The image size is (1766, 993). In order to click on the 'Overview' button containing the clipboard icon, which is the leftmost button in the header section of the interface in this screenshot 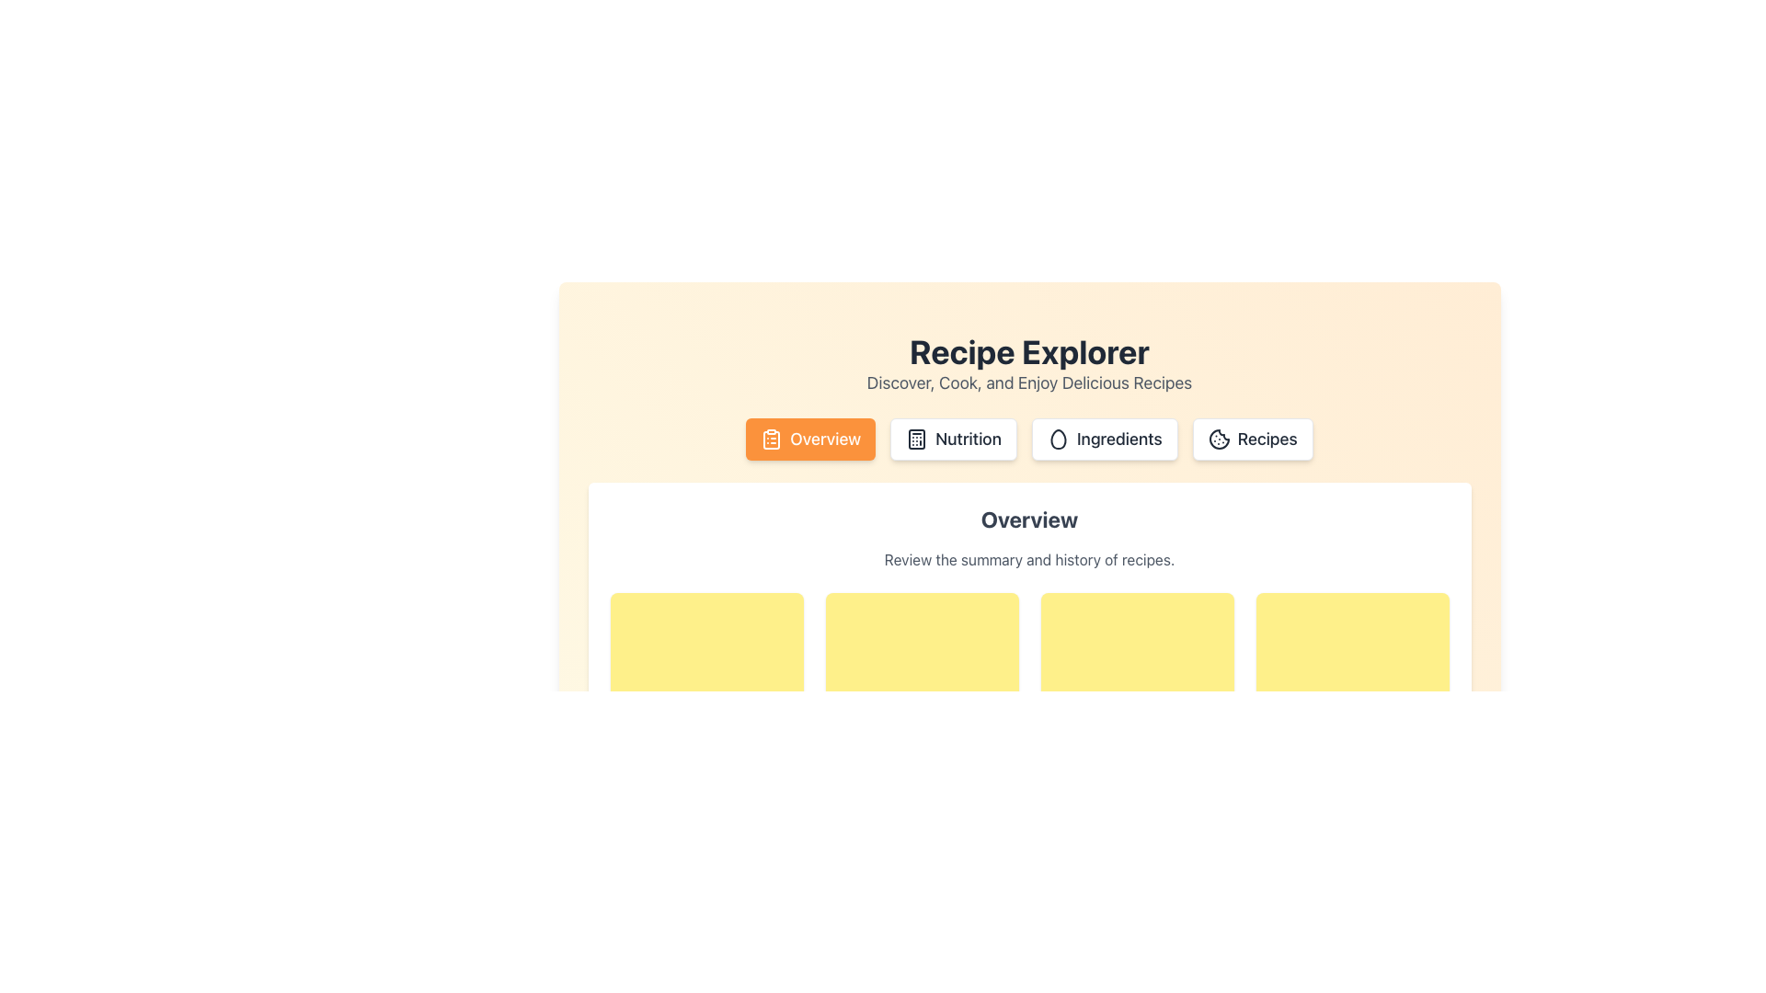, I will do `click(772, 439)`.